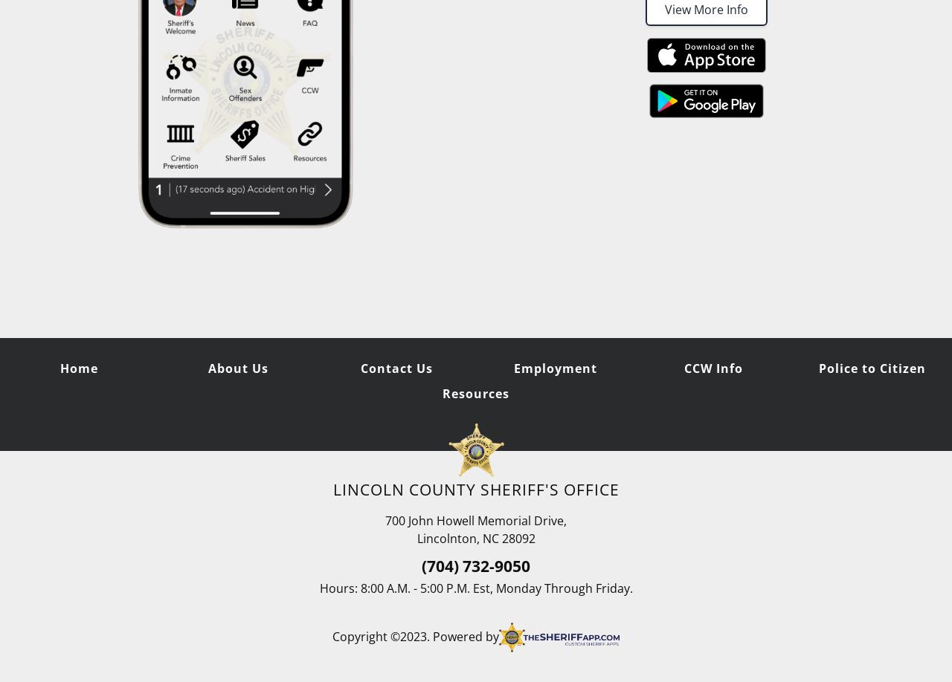  Describe the element at coordinates (413, 636) in the screenshot. I see `'2023'` at that location.